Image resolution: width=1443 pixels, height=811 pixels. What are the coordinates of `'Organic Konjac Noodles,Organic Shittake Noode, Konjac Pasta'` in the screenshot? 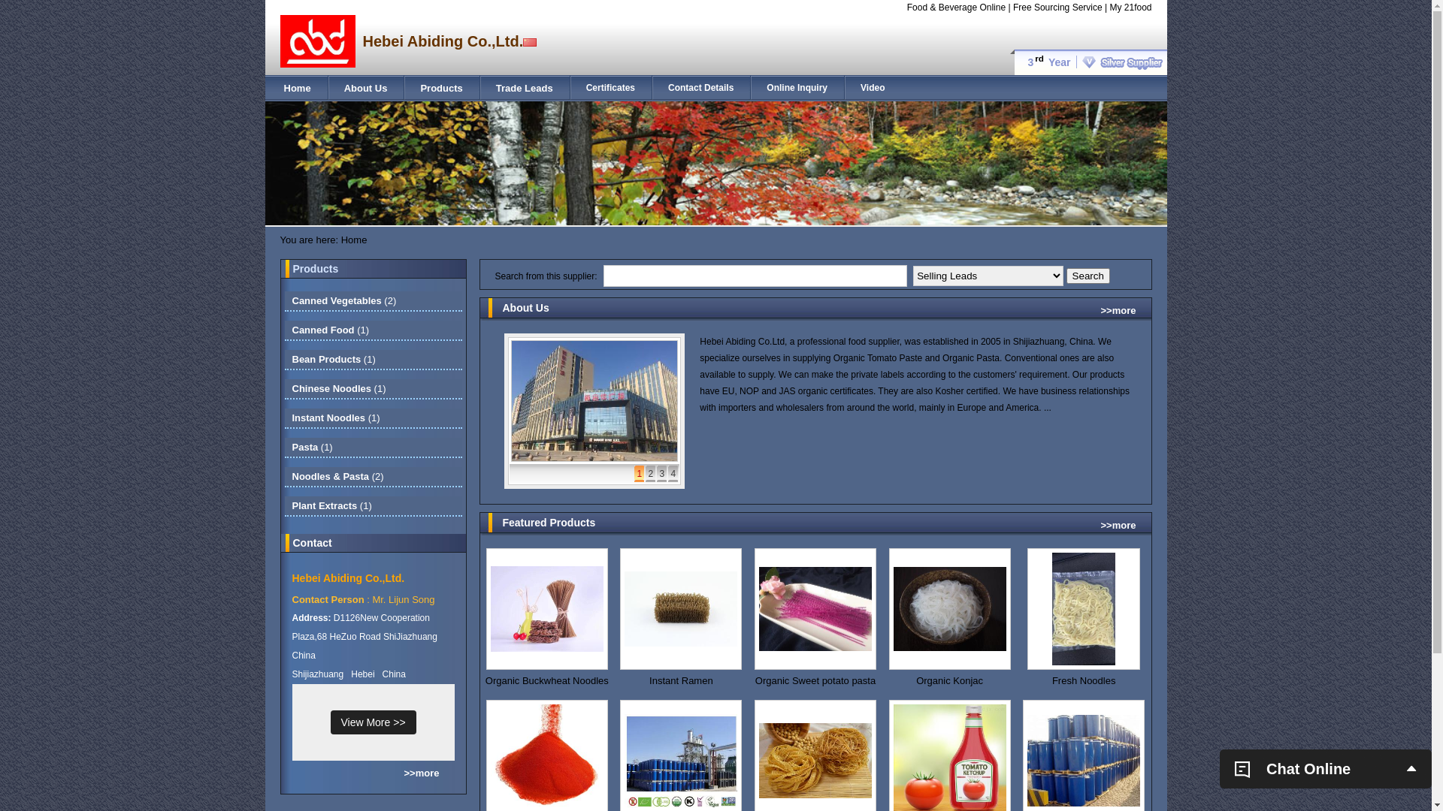 It's located at (948, 680).